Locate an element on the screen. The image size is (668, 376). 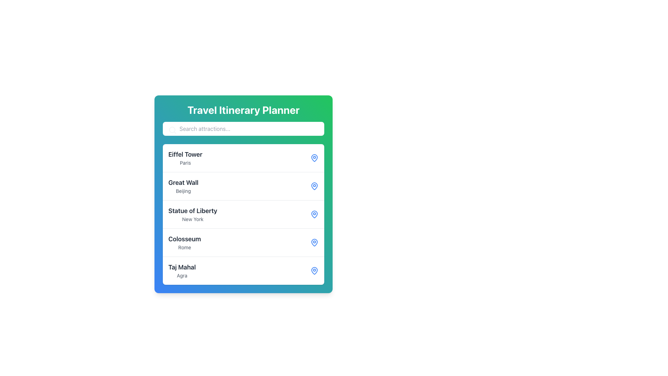
the list item labeled 'Statue of Liberty' with the location 'New York' is located at coordinates (244, 213).